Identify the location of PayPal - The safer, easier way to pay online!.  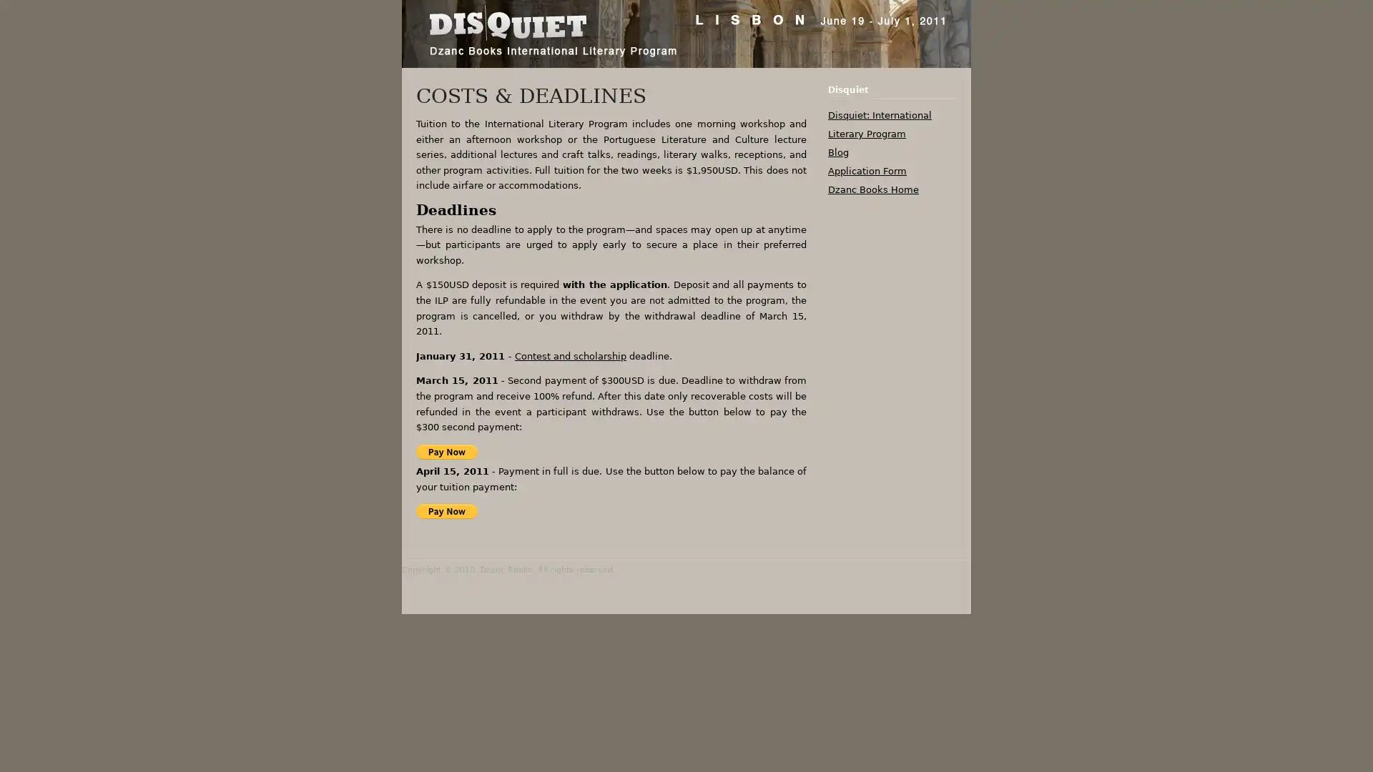
(446, 451).